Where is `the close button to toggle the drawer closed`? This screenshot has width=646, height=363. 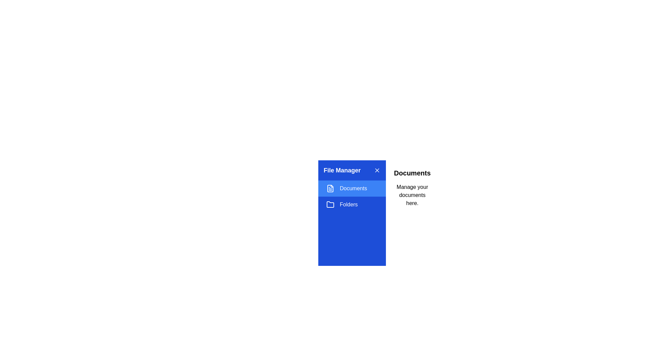 the close button to toggle the drawer closed is located at coordinates (377, 170).